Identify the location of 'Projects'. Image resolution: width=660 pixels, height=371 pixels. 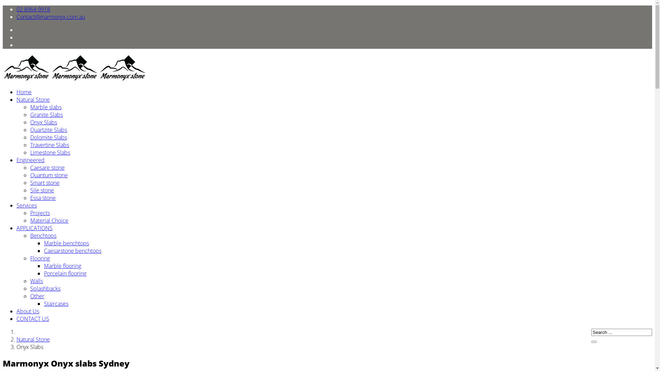
(30, 213).